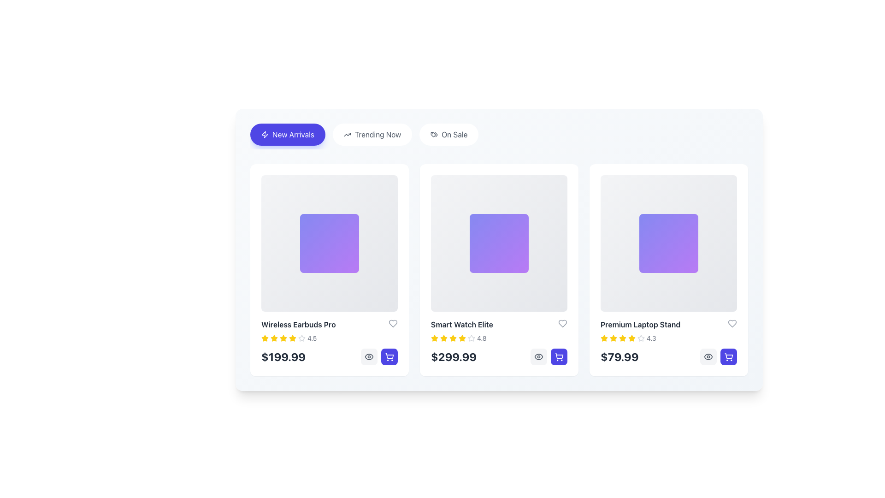 The height and width of the screenshot is (498, 885). I want to click on the second yellow star icon in the ratings section under the product 'Wireless Earbuds Pro', so click(292, 338).